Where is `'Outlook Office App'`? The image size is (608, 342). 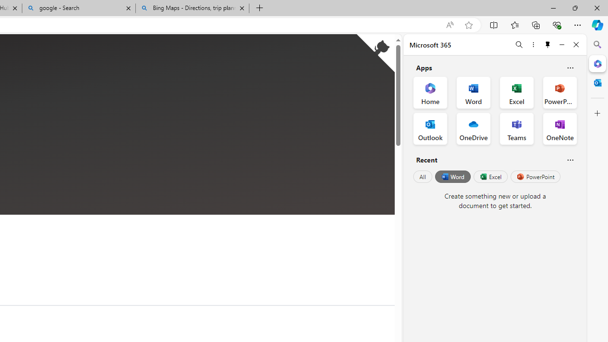 'Outlook Office App' is located at coordinates (430, 129).